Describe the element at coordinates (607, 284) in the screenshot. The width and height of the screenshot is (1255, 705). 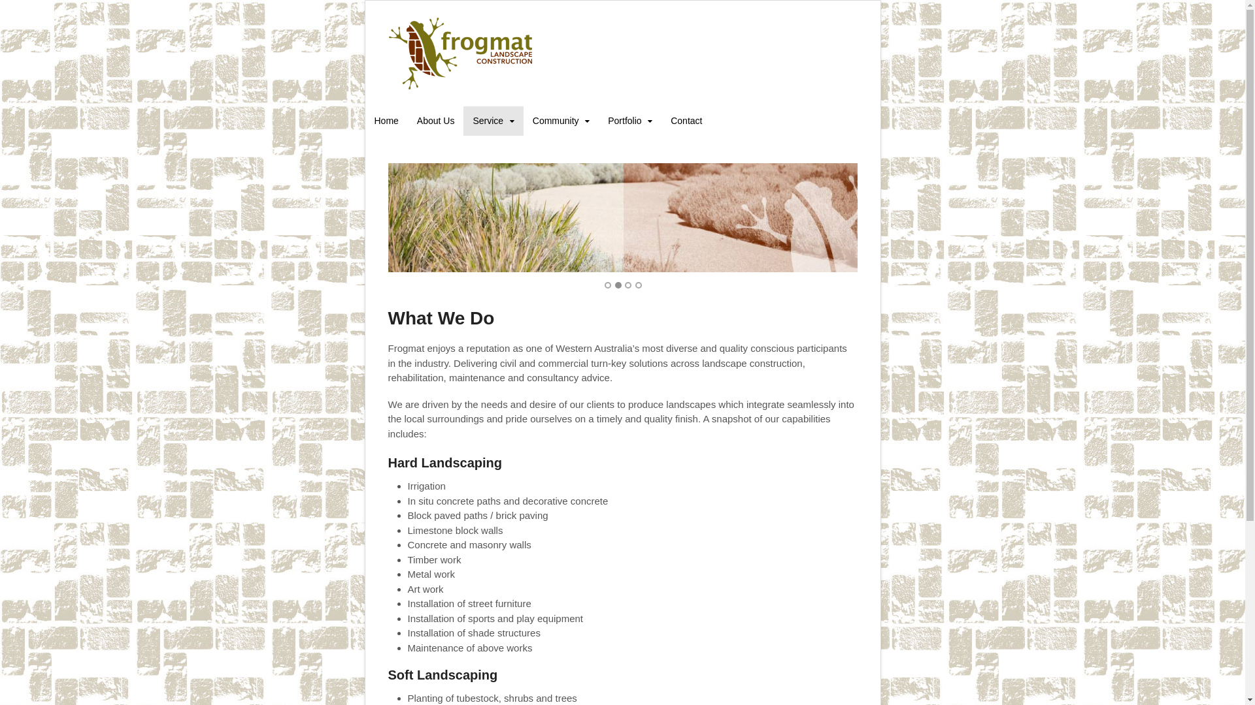
I see `'1'` at that location.